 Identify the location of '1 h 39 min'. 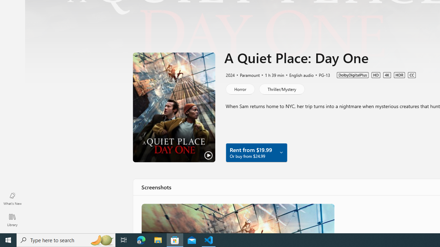
(271, 75).